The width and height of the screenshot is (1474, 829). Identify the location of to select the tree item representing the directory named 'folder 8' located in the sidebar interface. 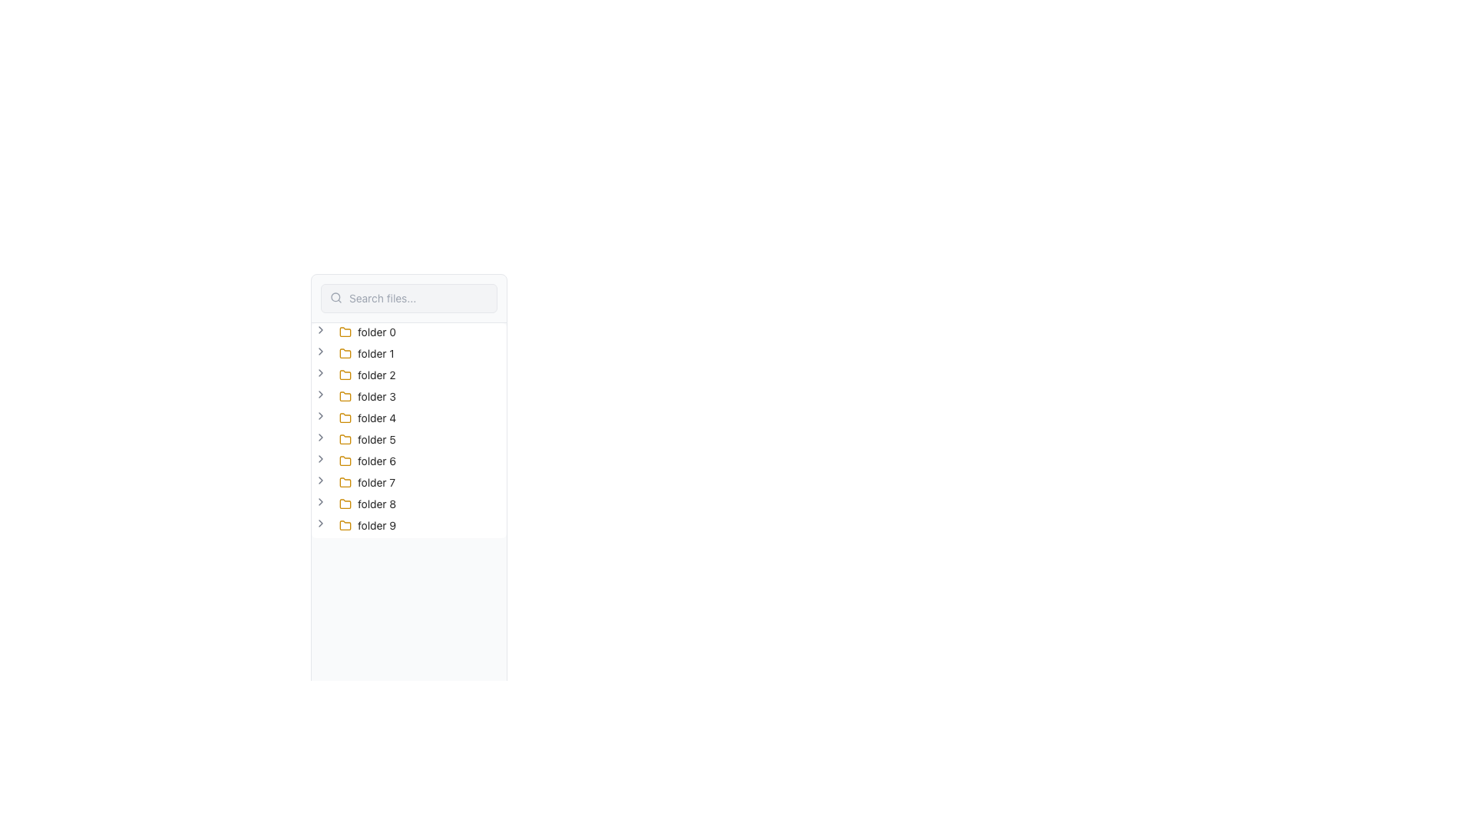
(356, 504).